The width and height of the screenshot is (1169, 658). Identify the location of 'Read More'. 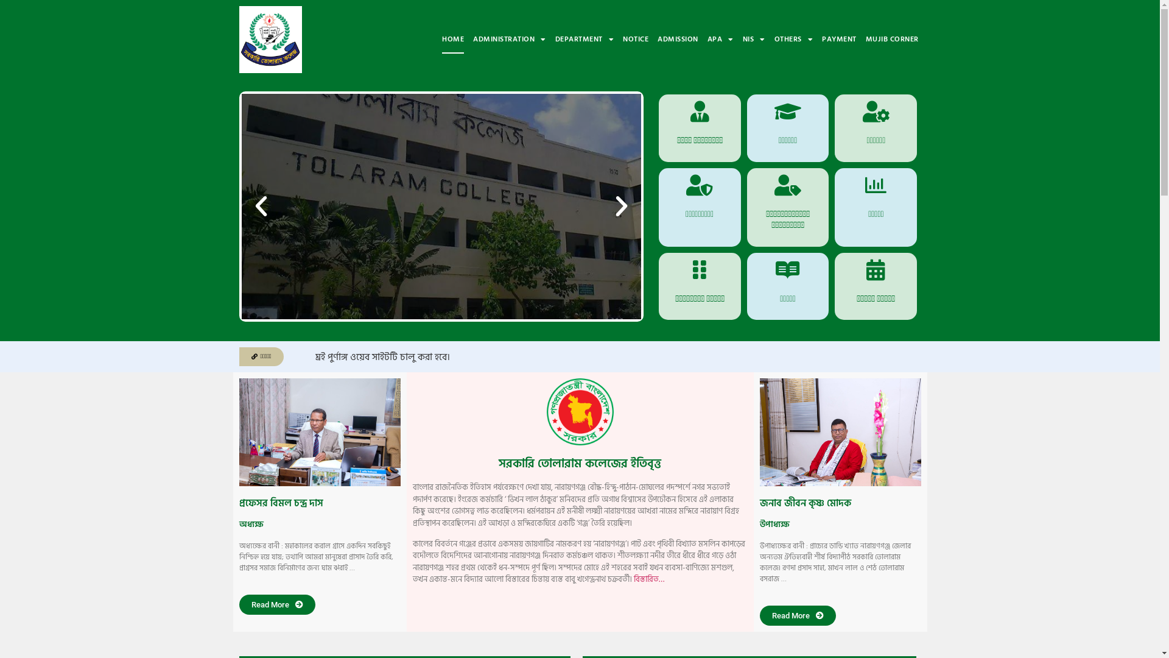
(239, 604).